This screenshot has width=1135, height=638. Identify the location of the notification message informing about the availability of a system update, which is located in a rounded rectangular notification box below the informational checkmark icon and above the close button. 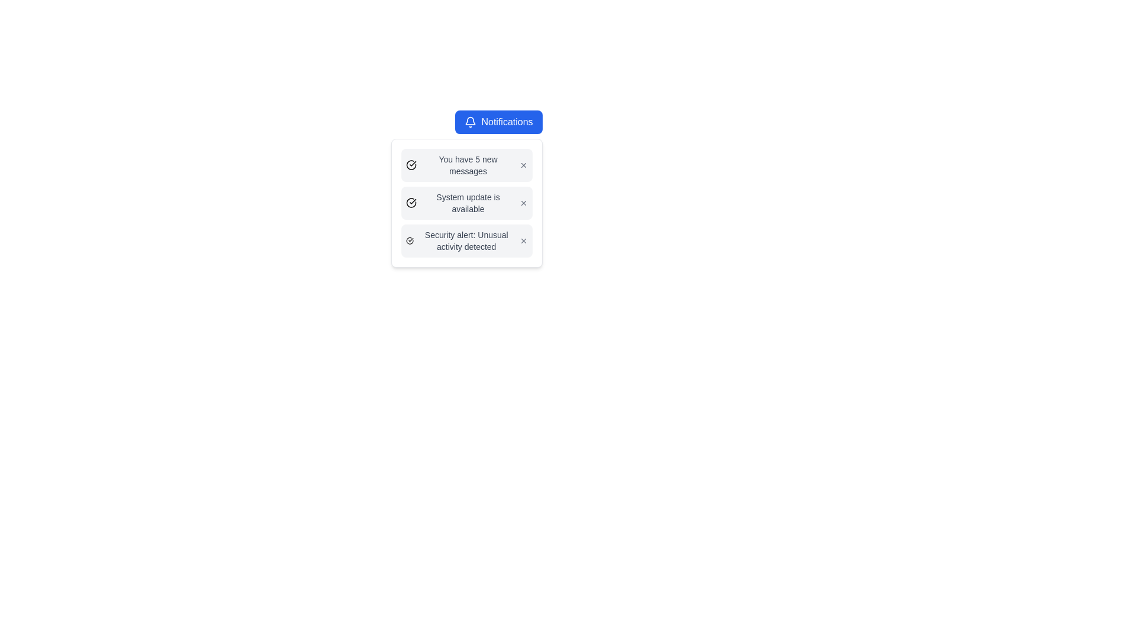
(468, 202).